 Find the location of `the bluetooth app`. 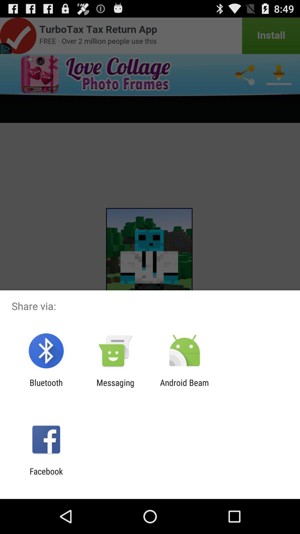

the bluetooth app is located at coordinates (46, 387).